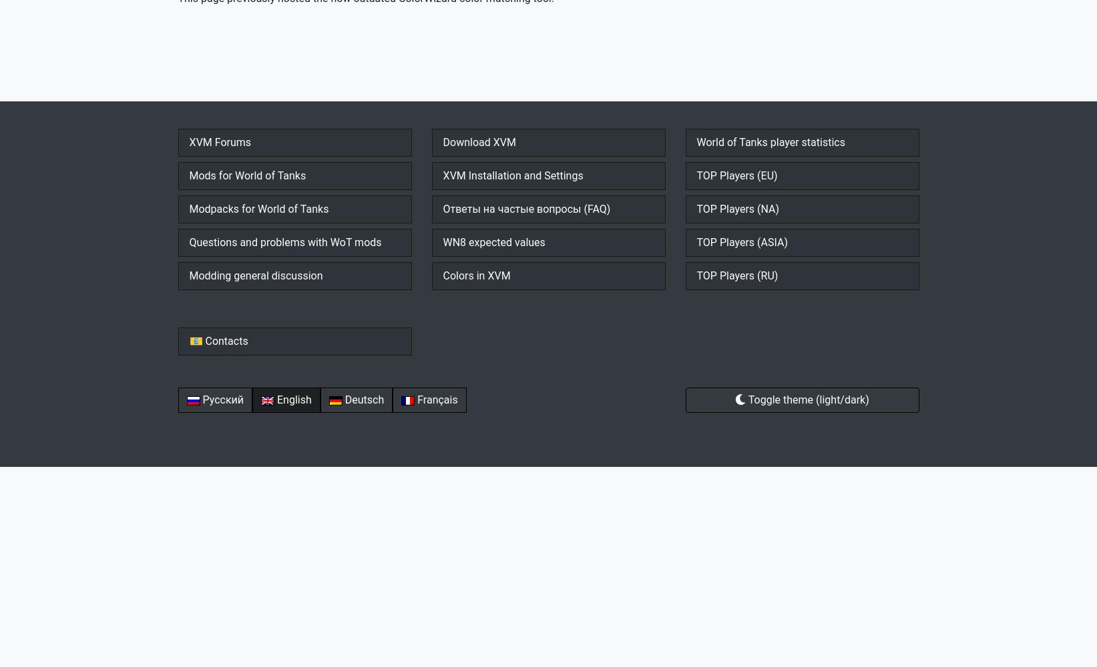 Image resolution: width=1097 pixels, height=667 pixels. I want to click on 'XVM Installation and Settings', so click(512, 175).